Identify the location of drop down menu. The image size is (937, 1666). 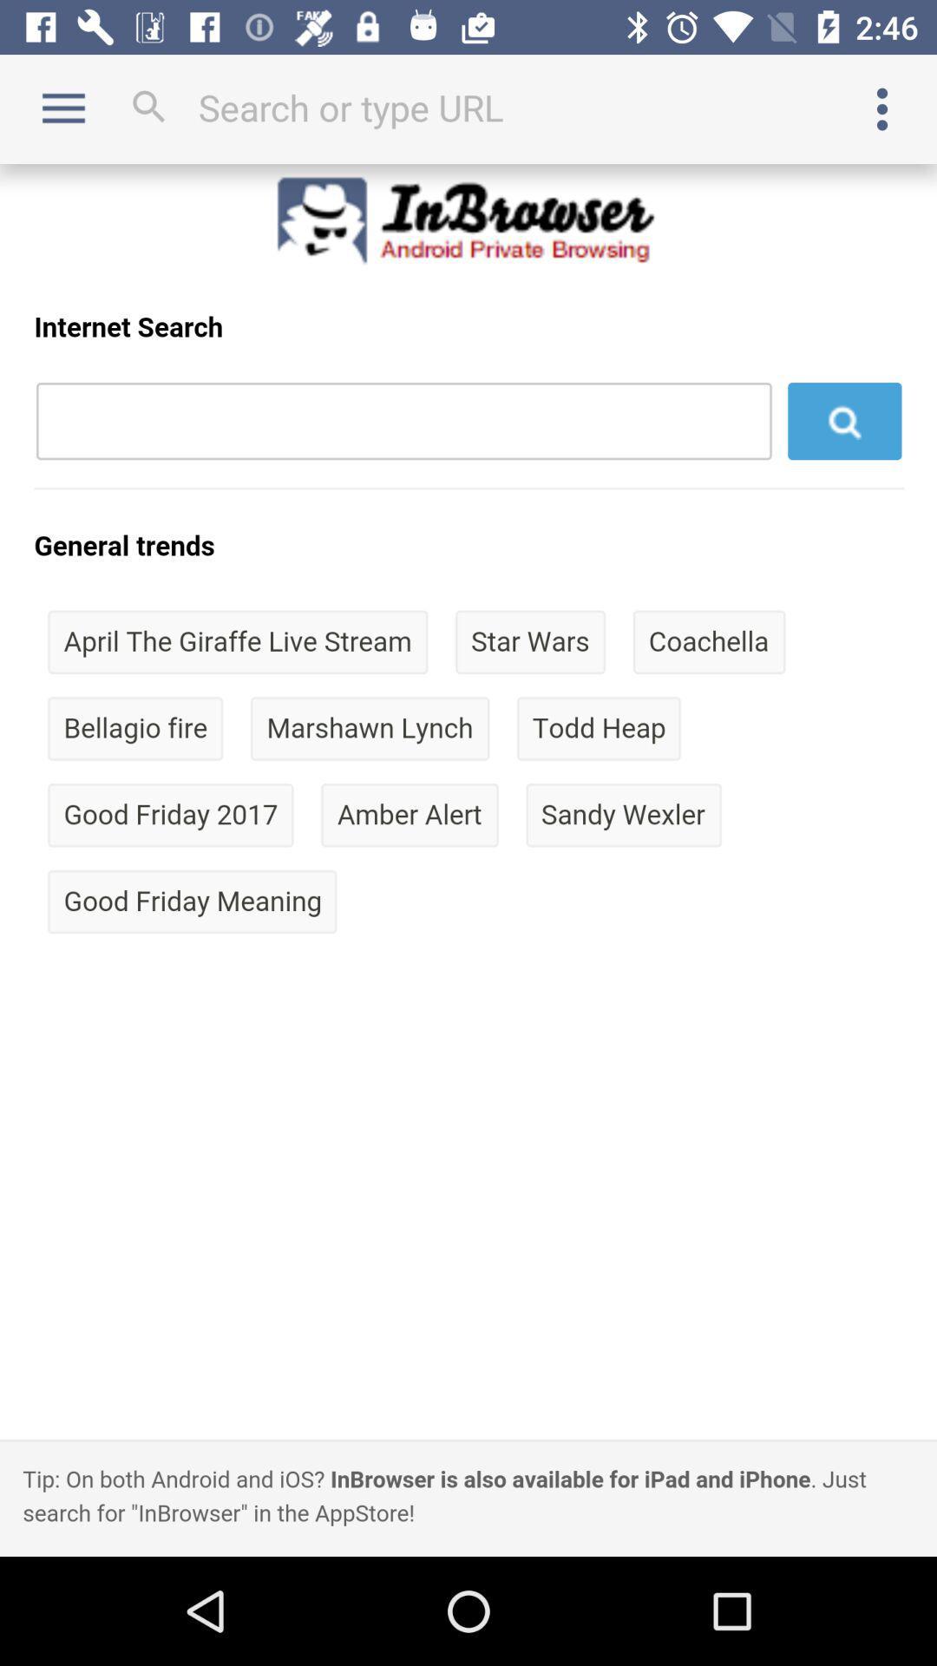
(882, 108).